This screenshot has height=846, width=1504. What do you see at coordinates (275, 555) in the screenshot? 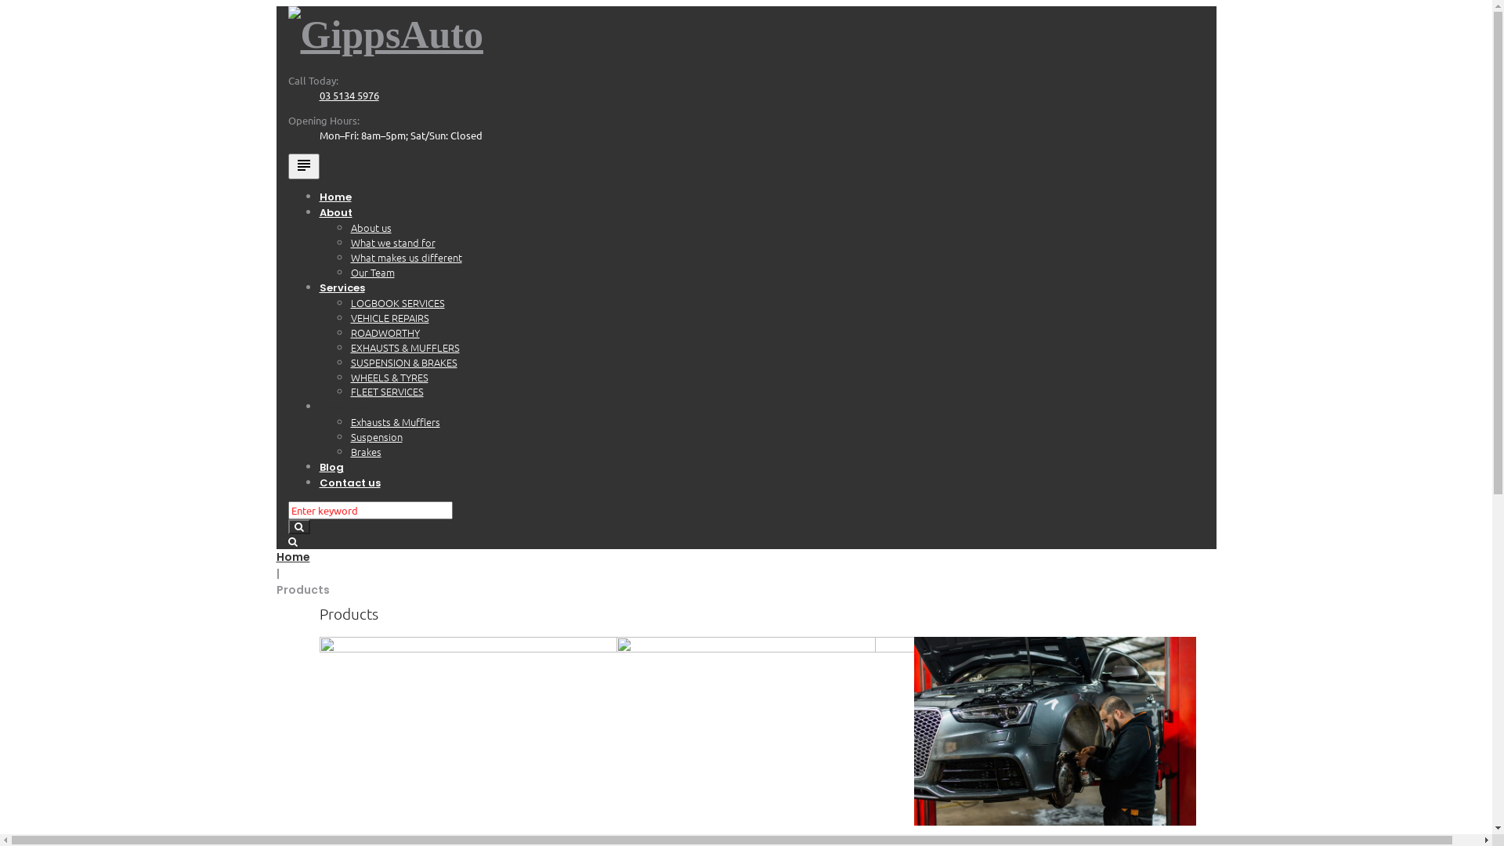
I see `'Home'` at bounding box center [275, 555].